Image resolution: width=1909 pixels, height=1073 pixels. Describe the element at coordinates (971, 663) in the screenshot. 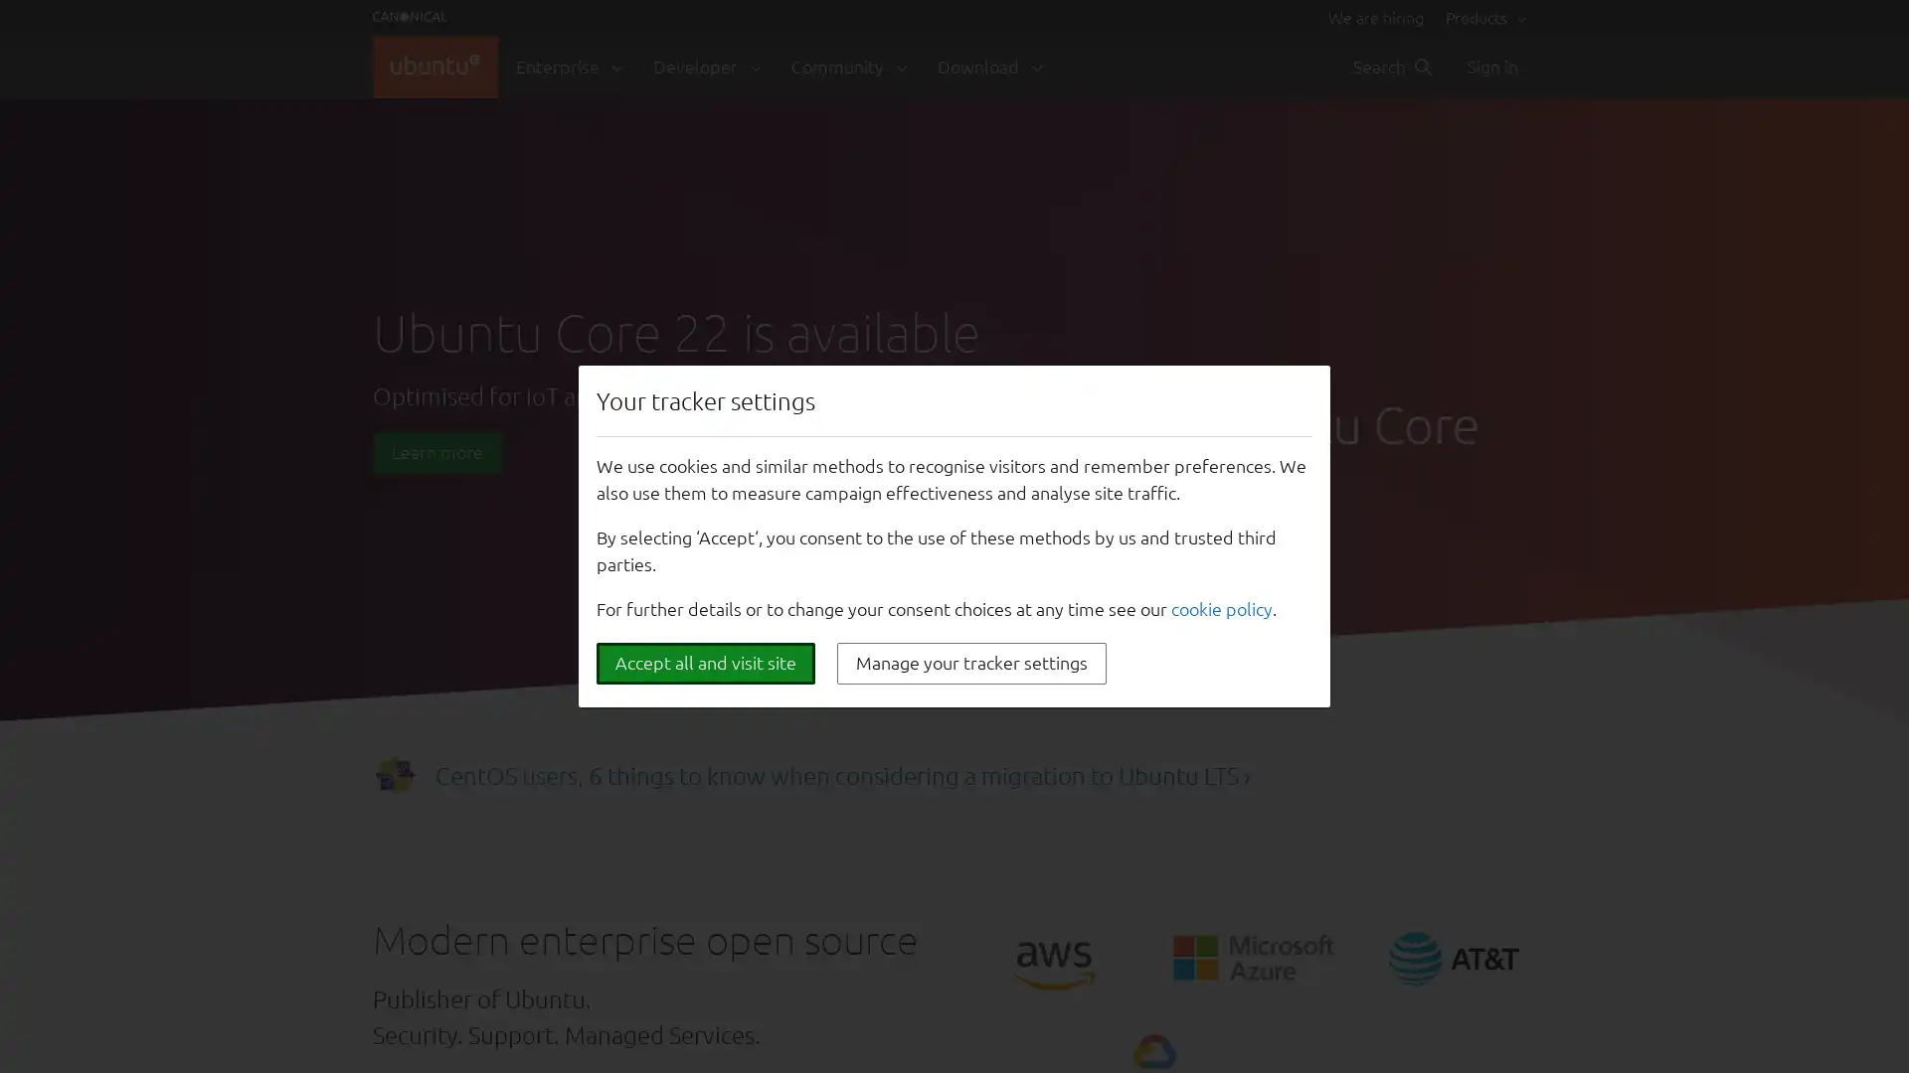

I see `Manage your tracker settings` at that location.